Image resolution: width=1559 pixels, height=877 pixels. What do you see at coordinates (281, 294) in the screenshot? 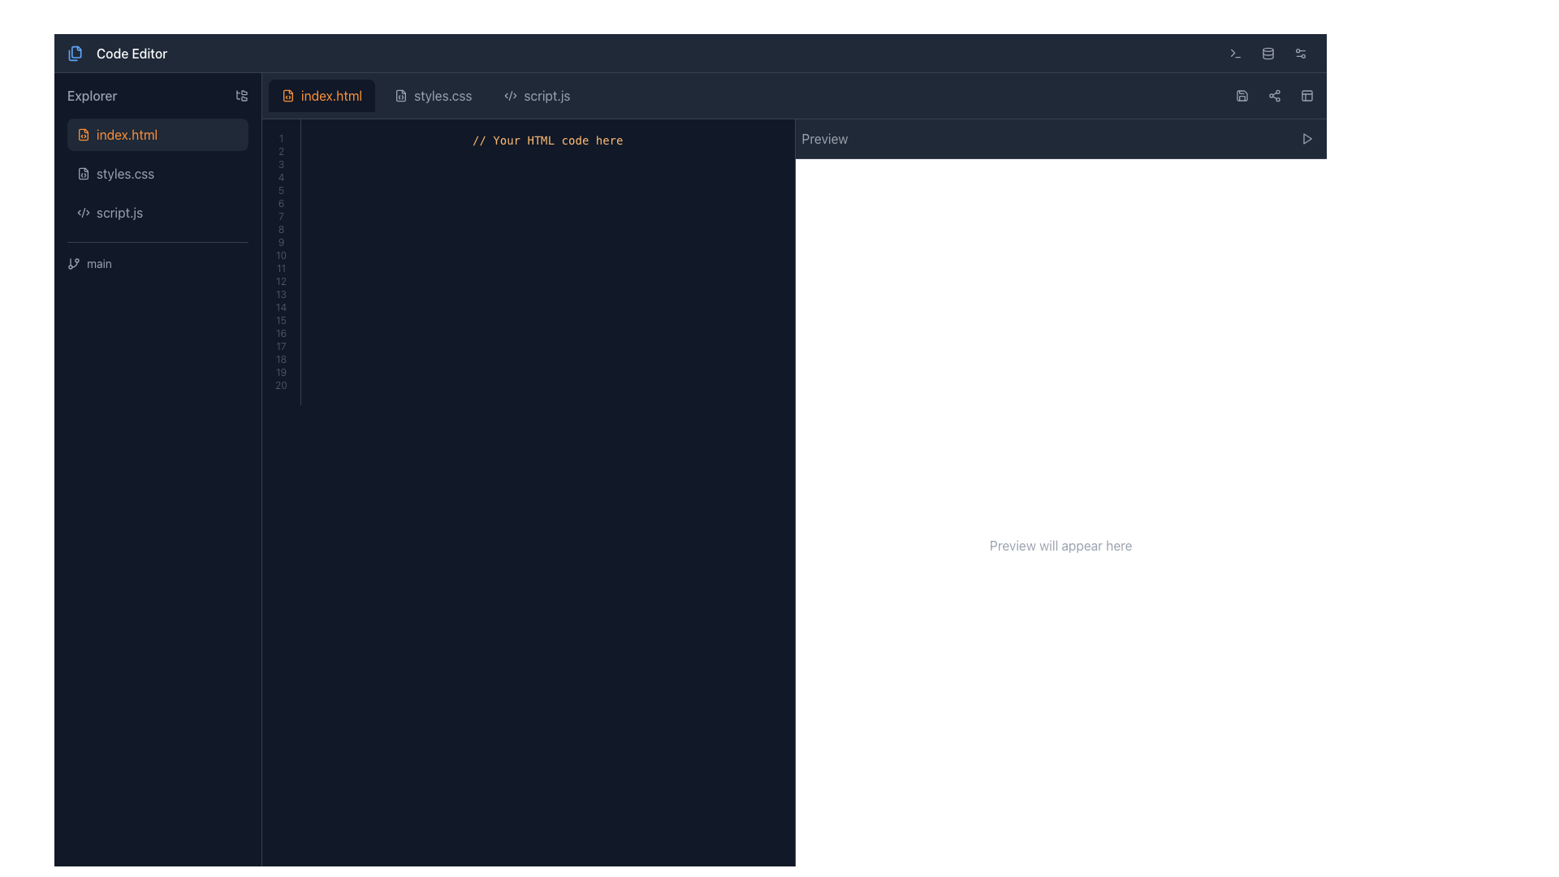
I see `the Text label indicating line number 13 in the code editor interface` at bounding box center [281, 294].